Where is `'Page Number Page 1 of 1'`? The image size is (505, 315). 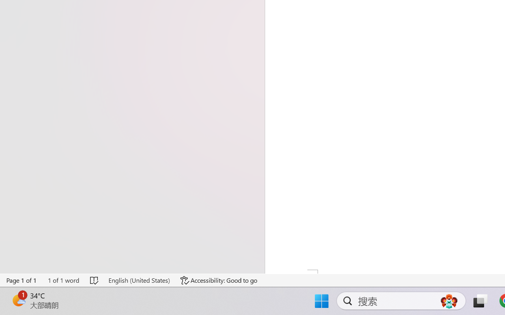 'Page Number Page 1 of 1' is located at coordinates (22, 280).